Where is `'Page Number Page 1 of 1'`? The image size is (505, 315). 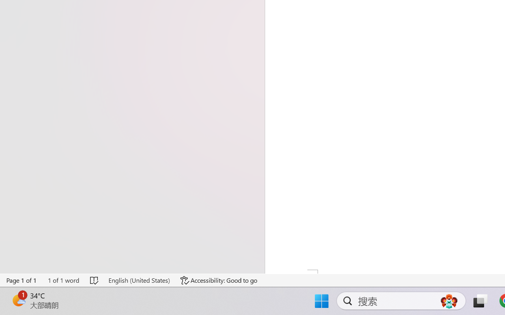 'Page Number Page 1 of 1' is located at coordinates (22, 280).